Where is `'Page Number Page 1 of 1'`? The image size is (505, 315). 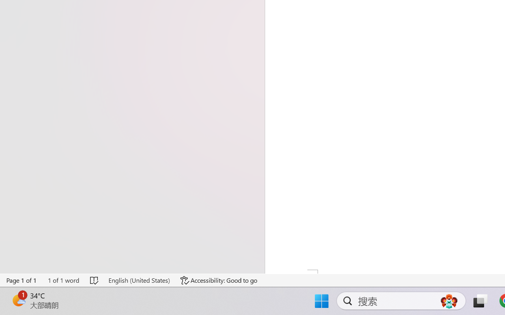 'Page Number Page 1 of 1' is located at coordinates (22, 280).